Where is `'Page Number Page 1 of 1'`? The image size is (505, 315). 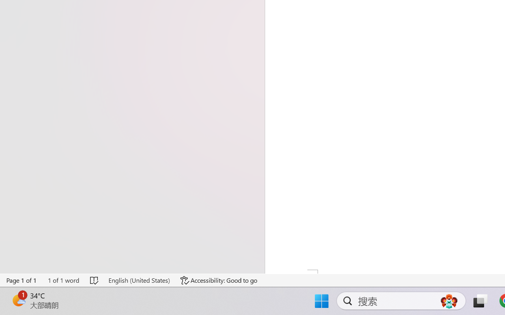 'Page Number Page 1 of 1' is located at coordinates (22, 280).